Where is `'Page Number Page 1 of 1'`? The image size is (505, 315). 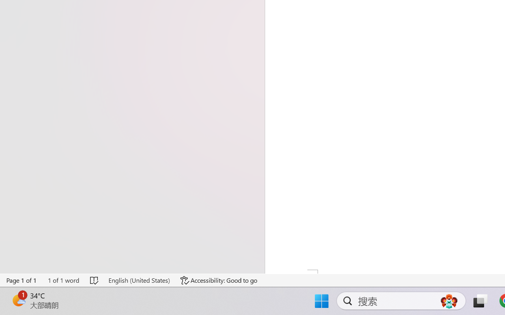 'Page Number Page 1 of 1' is located at coordinates (22, 280).